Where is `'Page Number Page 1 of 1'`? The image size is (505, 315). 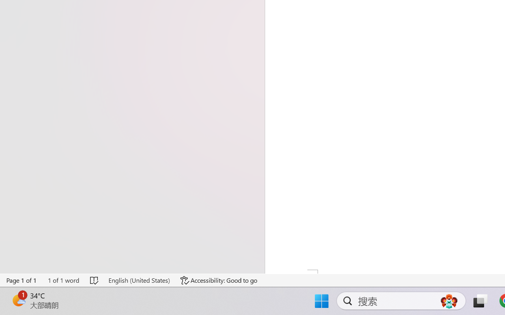 'Page Number Page 1 of 1' is located at coordinates (22, 280).